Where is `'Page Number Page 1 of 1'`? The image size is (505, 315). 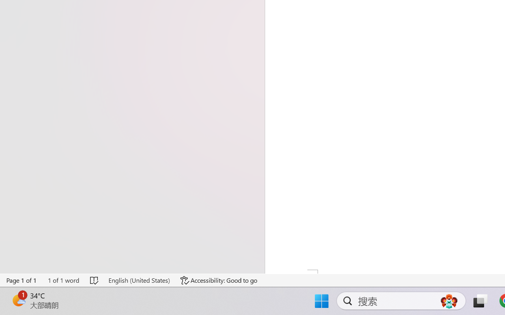 'Page Number Page 1 of 1' is located at coordinates (22, 280).